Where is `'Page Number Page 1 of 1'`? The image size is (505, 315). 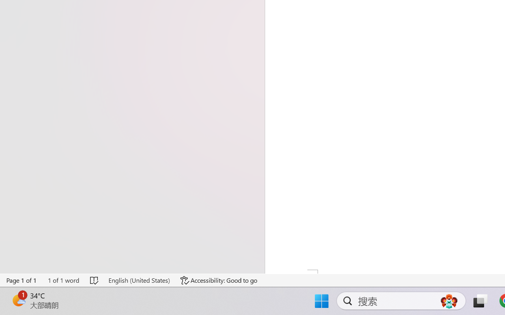 'Page Number Page 1 of 1' is located at coordinates (22, 280).